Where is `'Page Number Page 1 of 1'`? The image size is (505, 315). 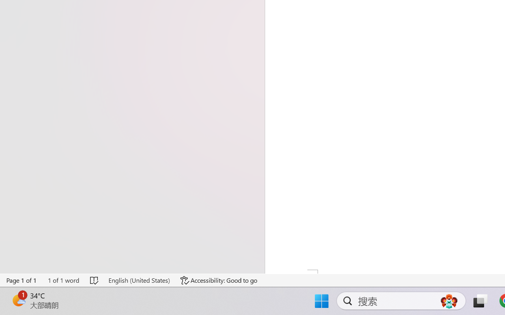 'Page Number Page 1 of 1' is located at coordinates (22, 280).